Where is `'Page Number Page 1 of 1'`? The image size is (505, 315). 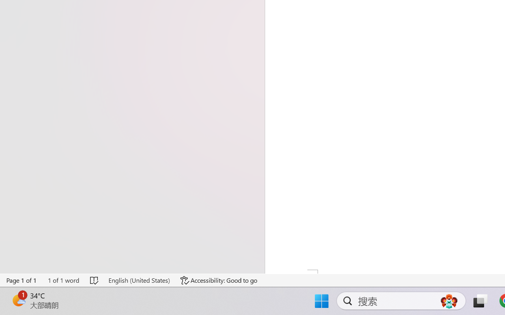 'Page Number Page 1 of 1' is located at coordinates (22, 280).